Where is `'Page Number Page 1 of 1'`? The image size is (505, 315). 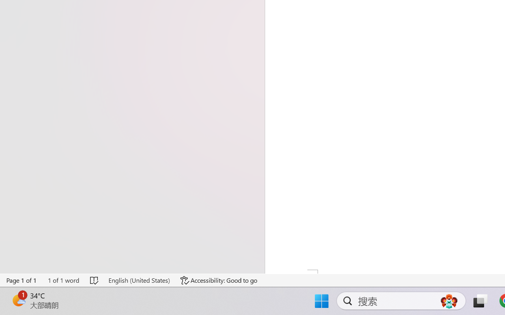 'Page Number Page 1 of 1' is located at coordinates (22, 280).